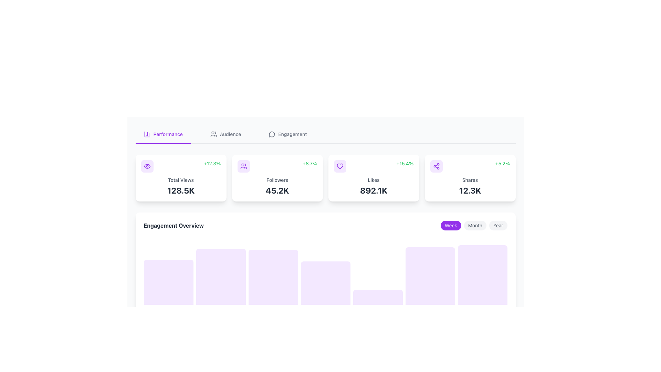 This screenshot has height=372, width=661. What do you see at coordinates (181, 190) in the screenshot?
I see `the bold, large-sized text displaying the value '128.5K' in dark gray color located in the card-like layout below 'Total Views' on the left side of the dashboard` at bounding box center [181, 190].